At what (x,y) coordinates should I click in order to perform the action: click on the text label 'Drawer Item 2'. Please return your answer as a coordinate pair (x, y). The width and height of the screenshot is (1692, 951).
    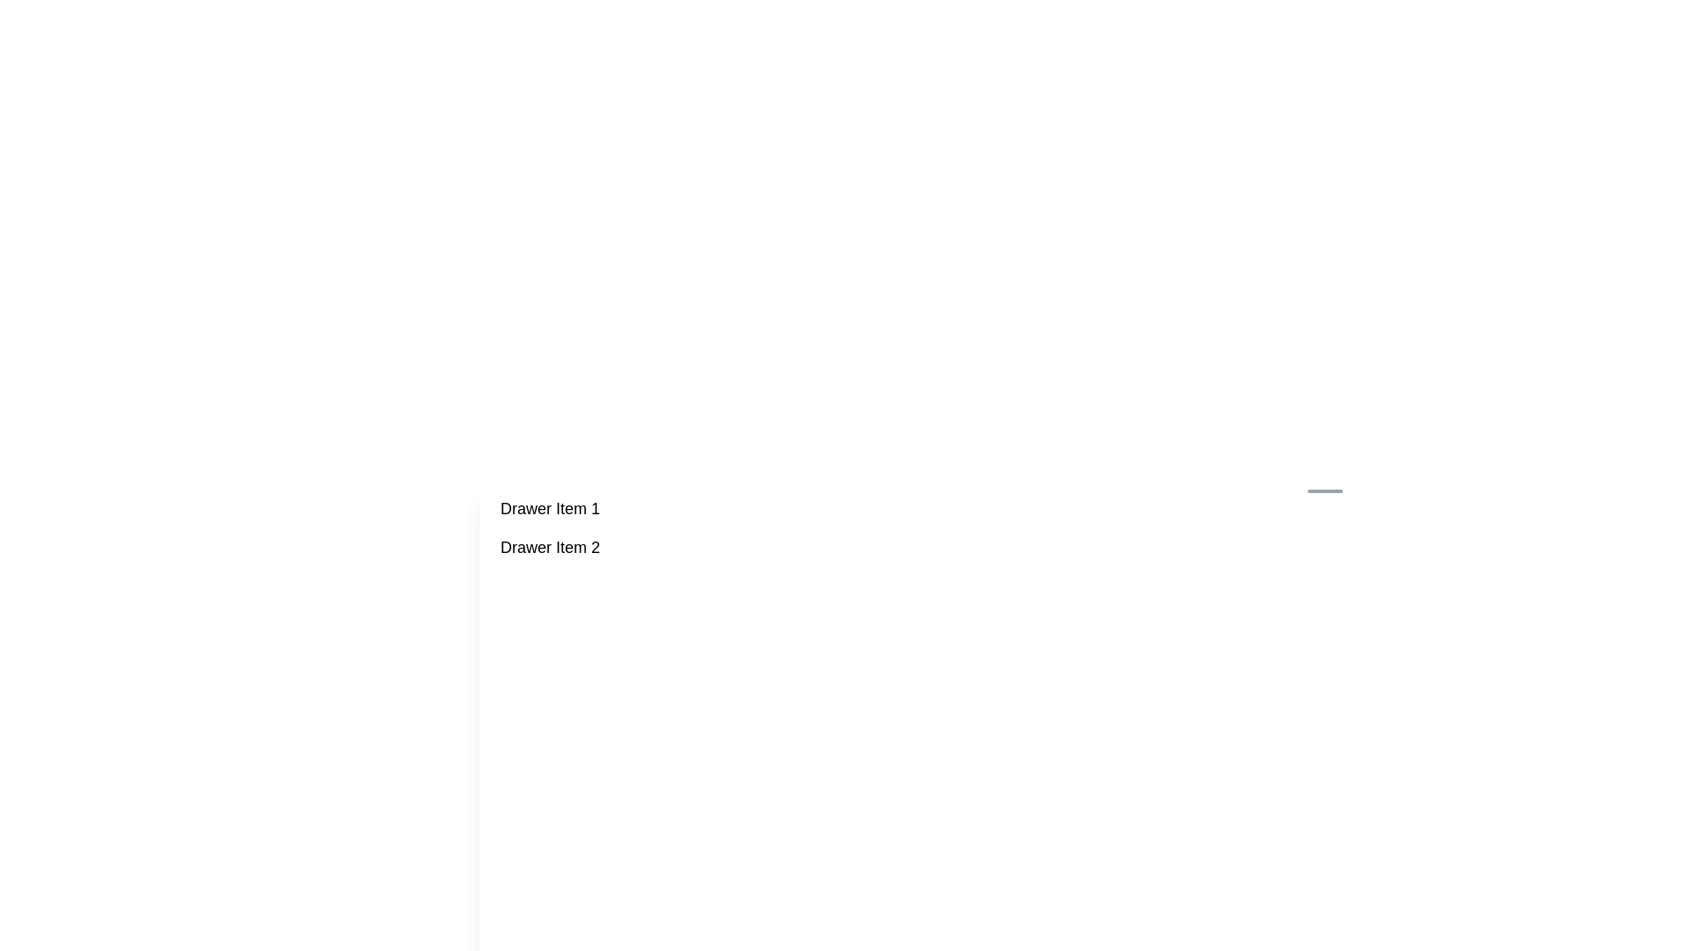
    Looking at the image, I should click on (549, 546).